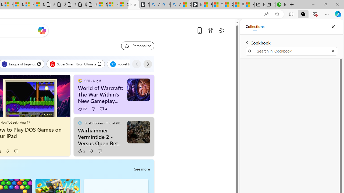 This screenshot has height=193, width=344. I want to click on 'Back to list of collections', so click(247, 42).